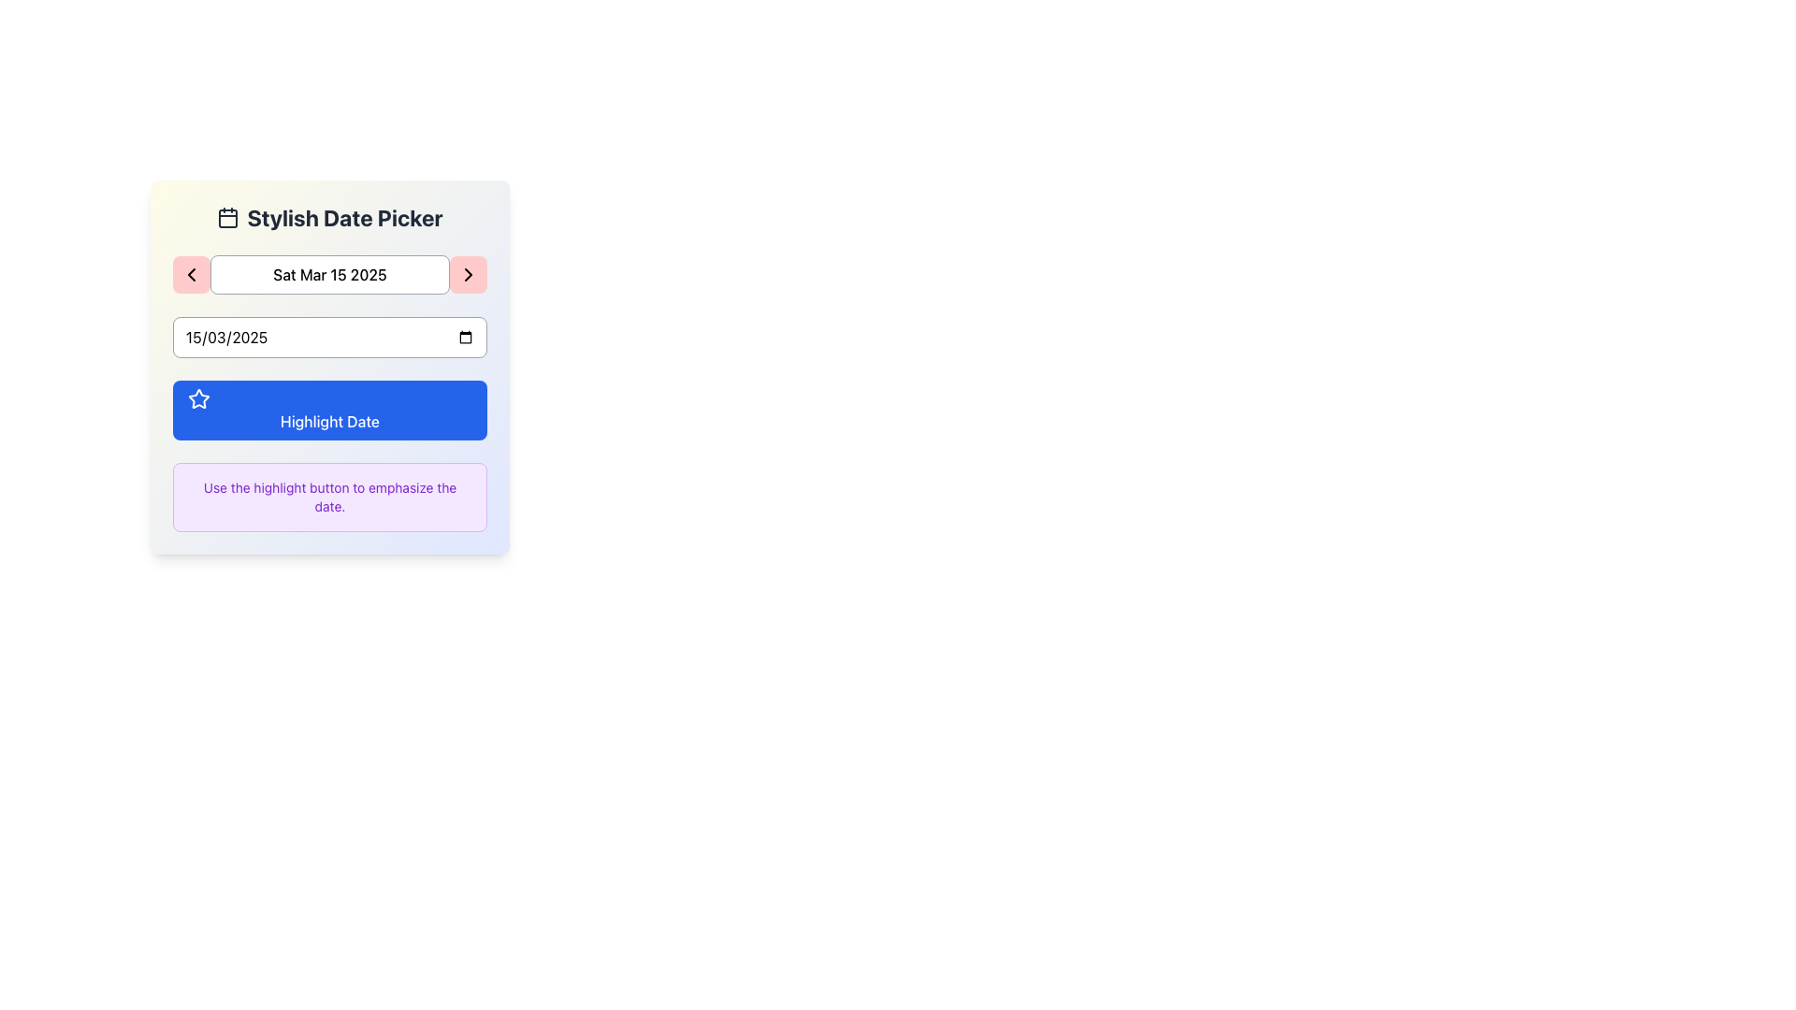 The image size is (1796, 1010). What do you see at coordinates (330, 410) in the screenshot?
I see `the interactive button that highlights a selected date in the date picker interface, positioned below the date input field and above a purple instruction box` at bounding box center [330, 410].